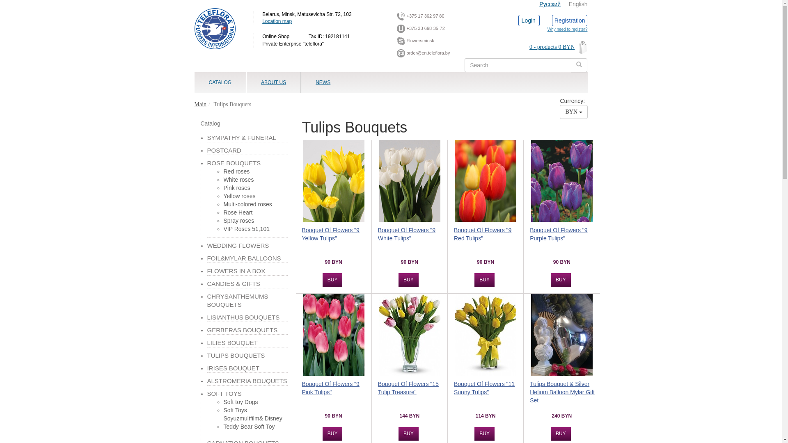 The height and width of the screenshot is (443, 788). I want to click on 'VIP Roses 51,101', so click(223, 229).